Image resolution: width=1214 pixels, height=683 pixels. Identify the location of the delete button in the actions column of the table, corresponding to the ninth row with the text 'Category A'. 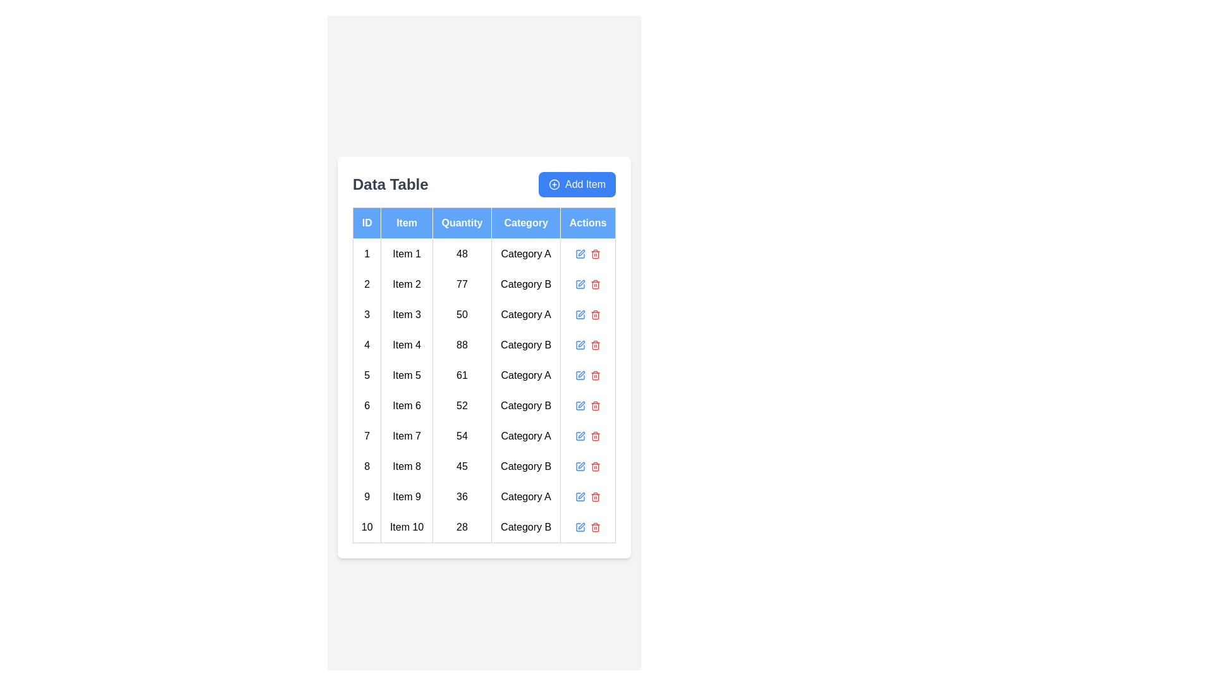
(595, 496).